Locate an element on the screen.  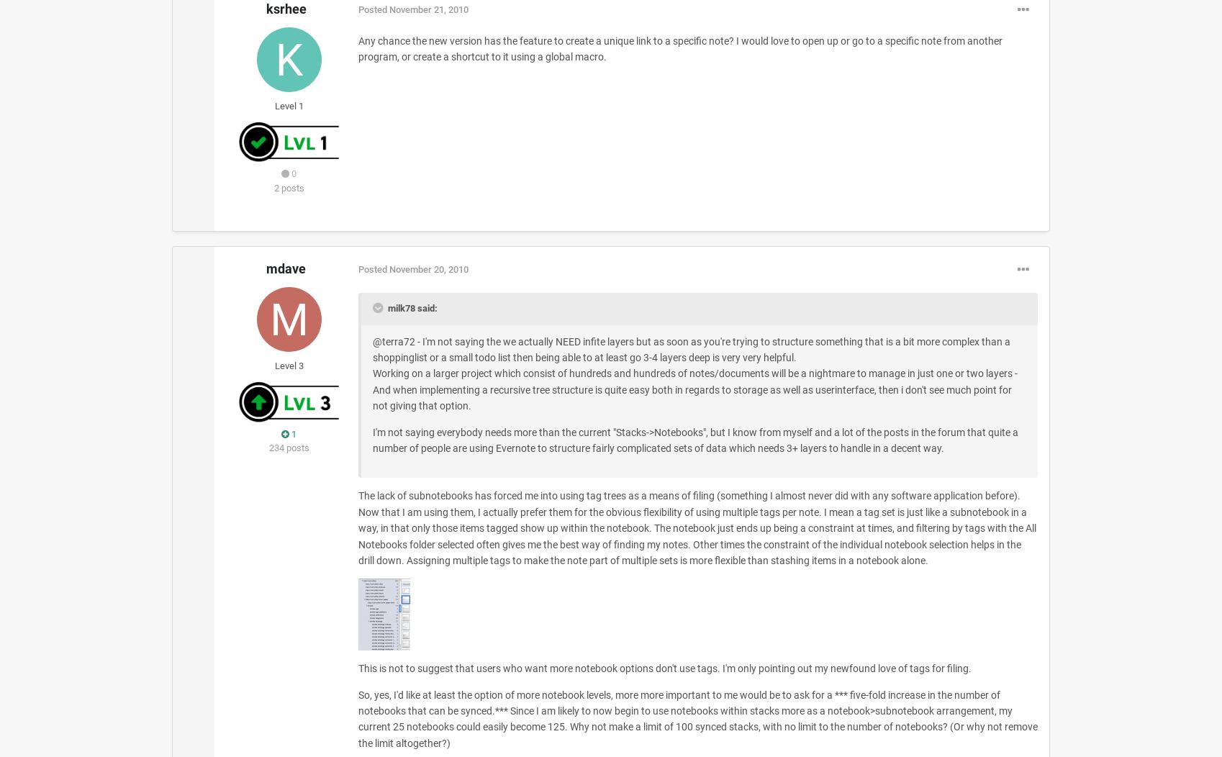
'Level 1' is located at coordinates (289, 104).